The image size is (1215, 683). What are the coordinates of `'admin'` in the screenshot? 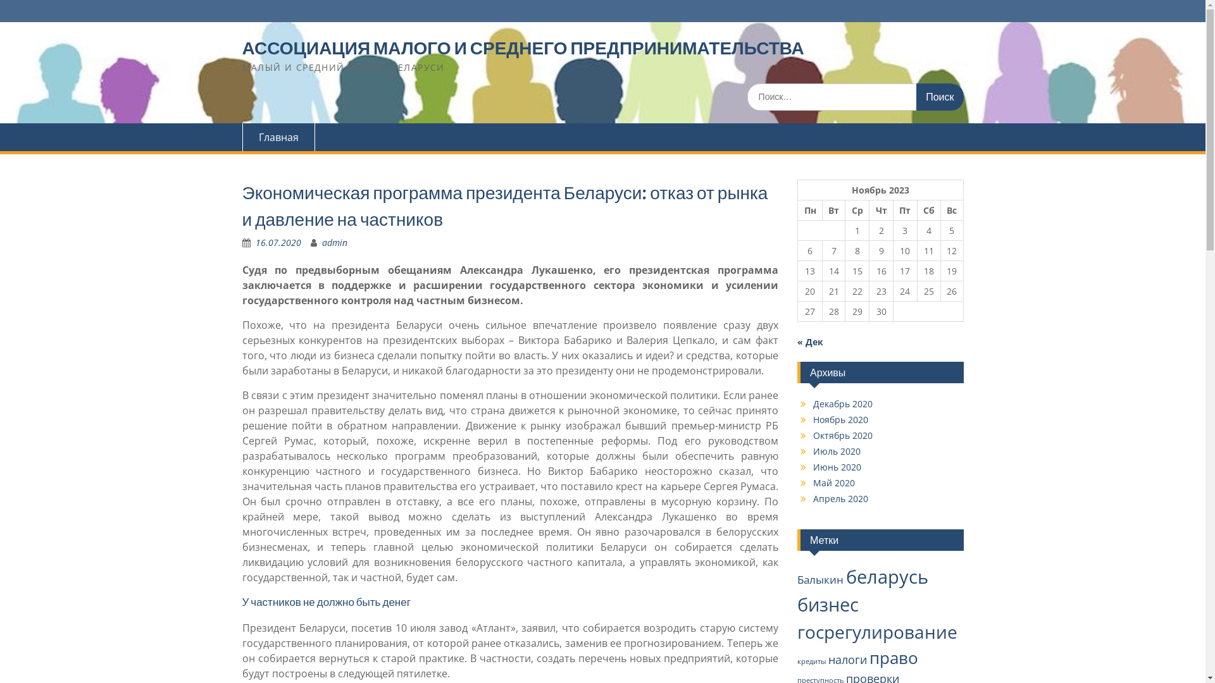 It's located at (334, 242).